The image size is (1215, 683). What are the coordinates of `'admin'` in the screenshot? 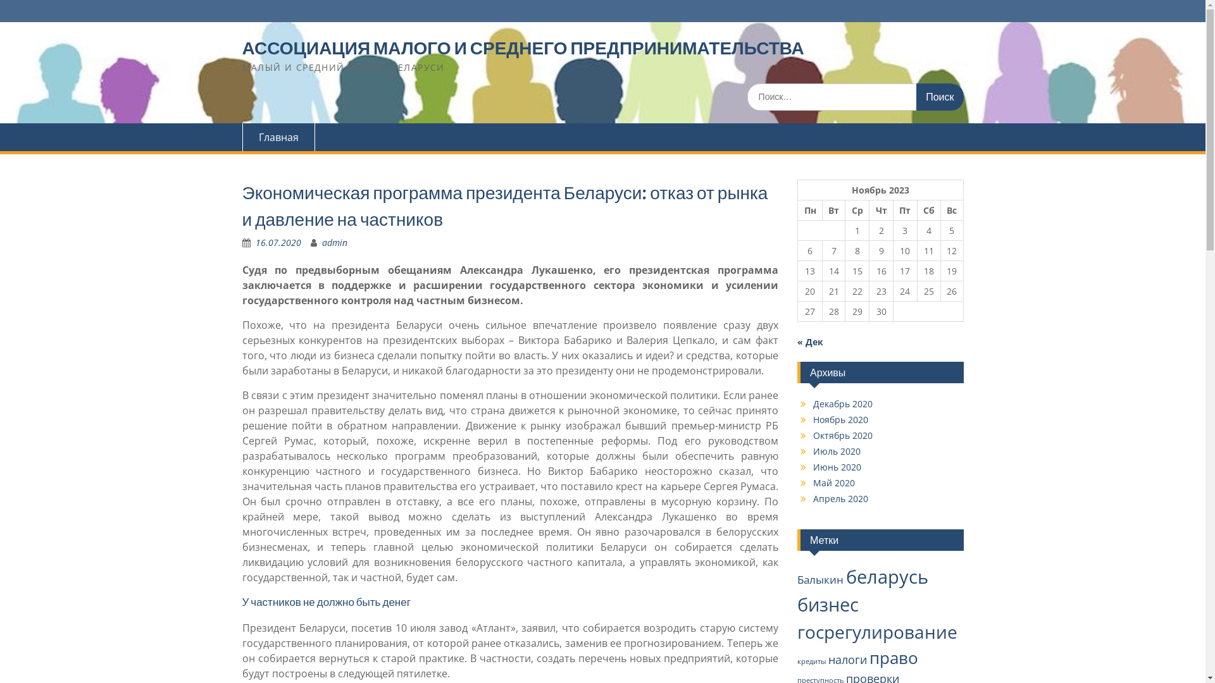 It's located at (334, 242).